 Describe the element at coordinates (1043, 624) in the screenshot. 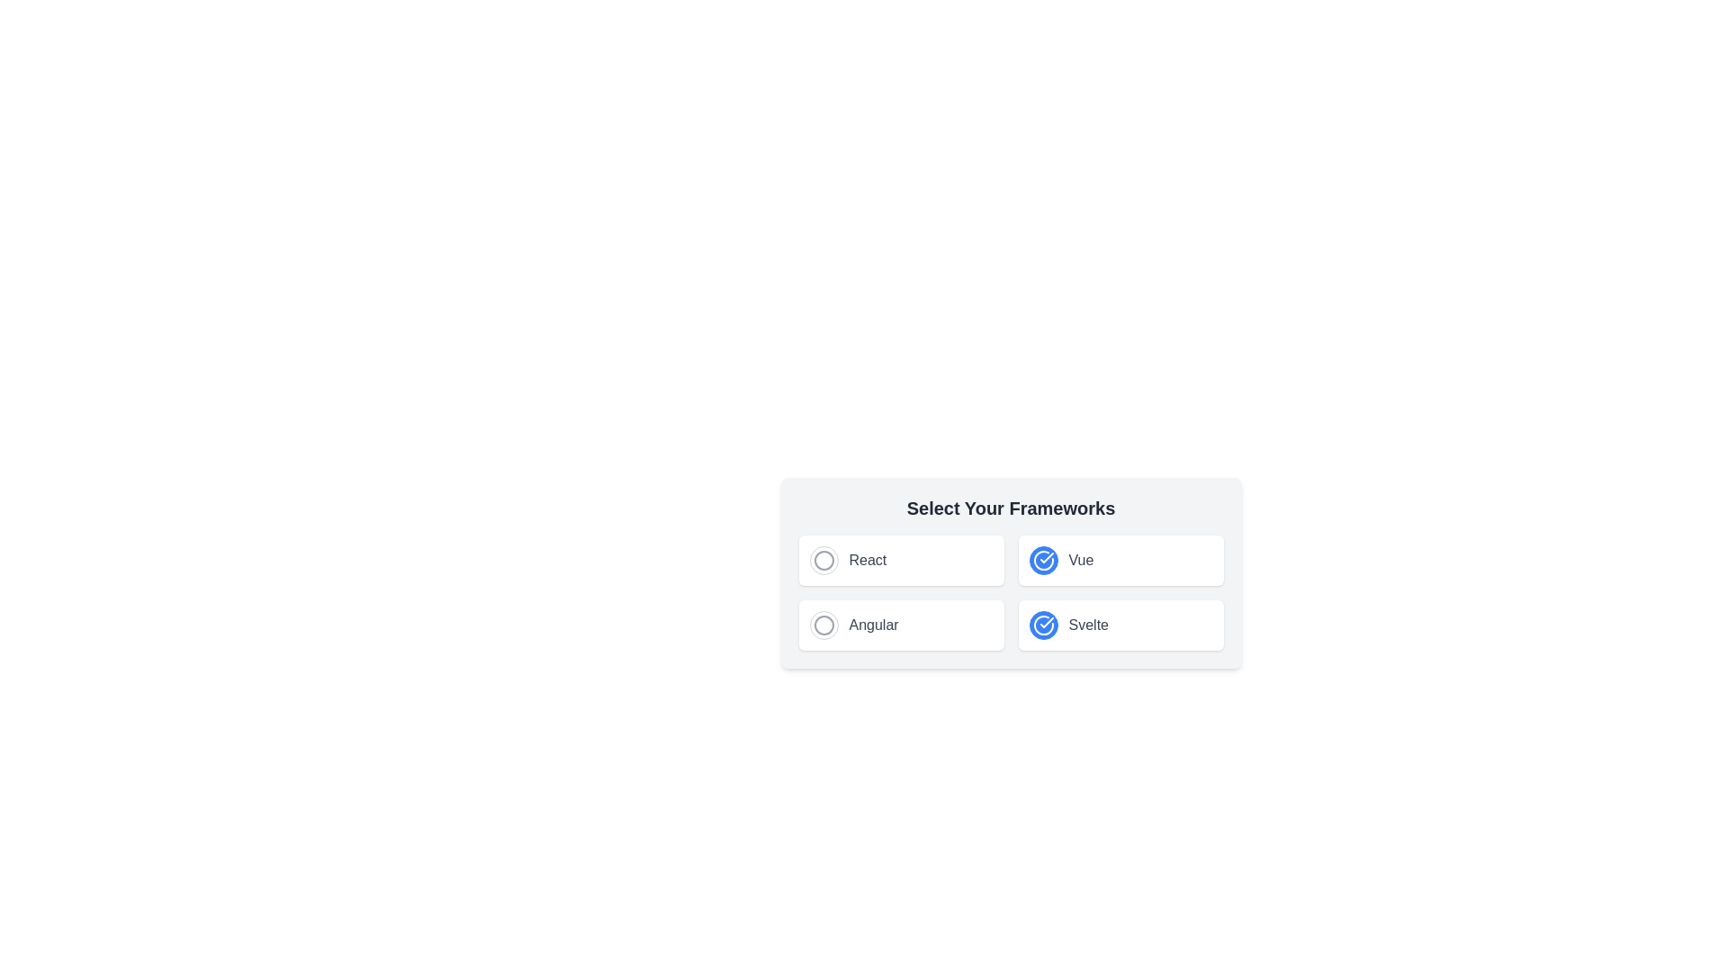

I see `the 'Svelte' selectable option button` at that location.